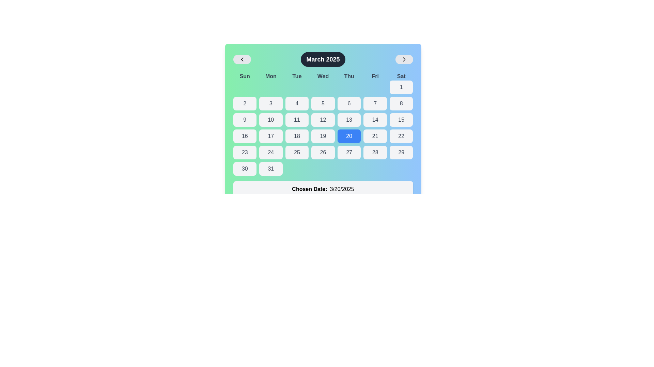 The image size is (654, 367). What do you see at coordinates (270, 152) in the screenshot?
I see `the selectable date button for the 24th in the calendar grid to trigger hover effects` at bounding box center [270, 152].